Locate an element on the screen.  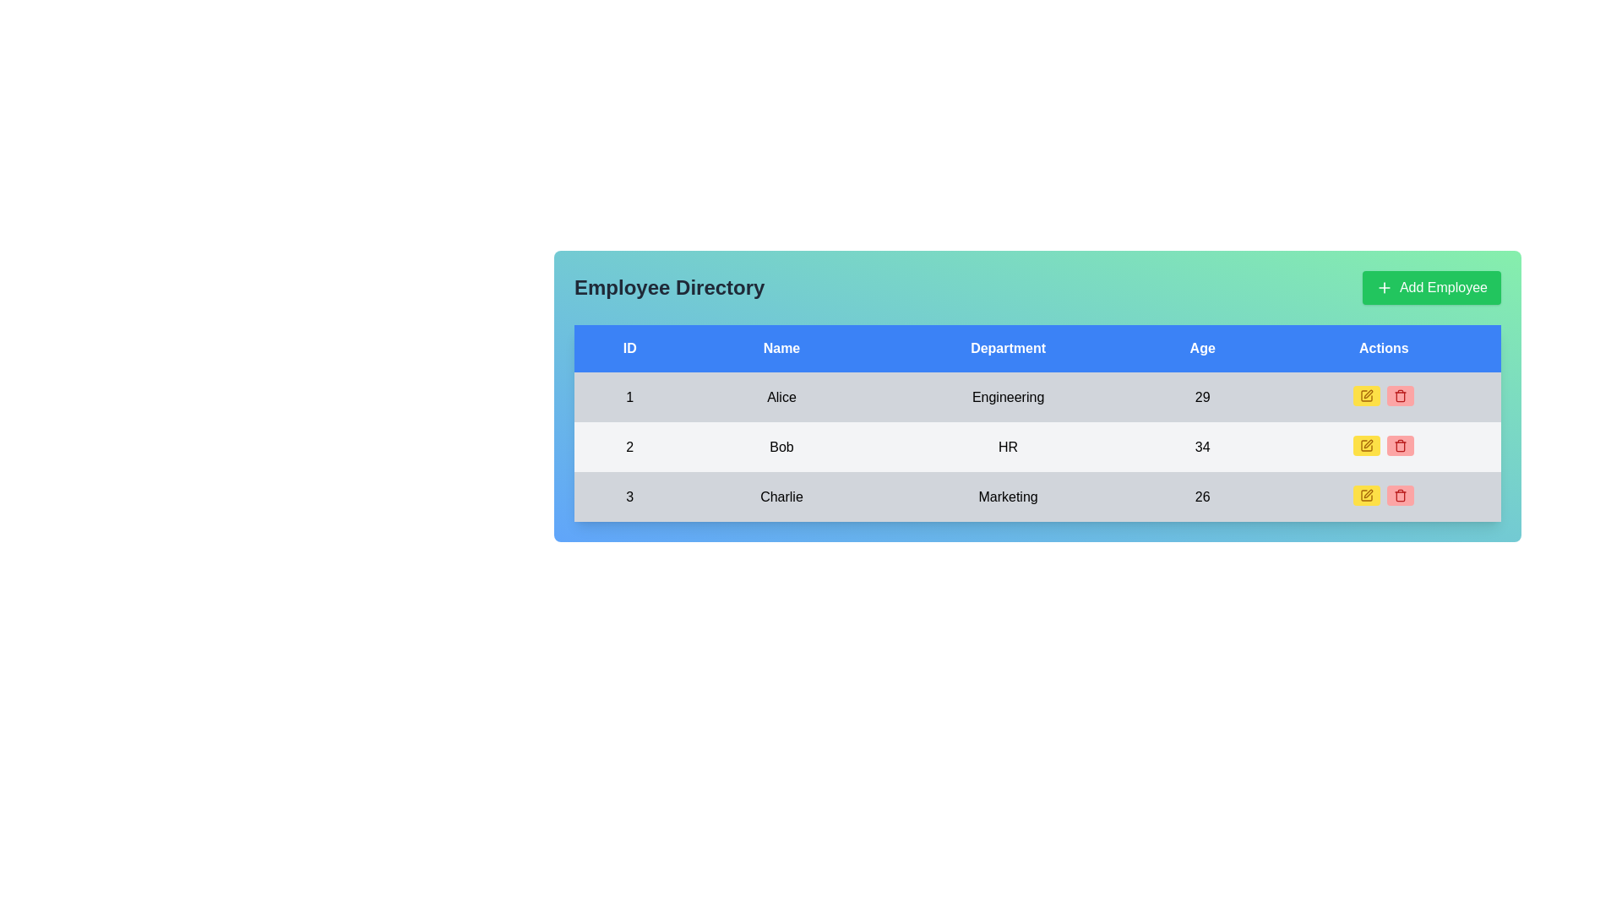
the last row in the employee details table that contains the information for employee 'Charlie', which includes columns for ID, Name, Department, Age, and Actions is located at coordinates (1037, 496).